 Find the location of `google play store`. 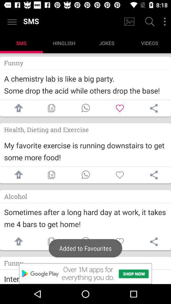

google play store is located at coordinates (85, 273).